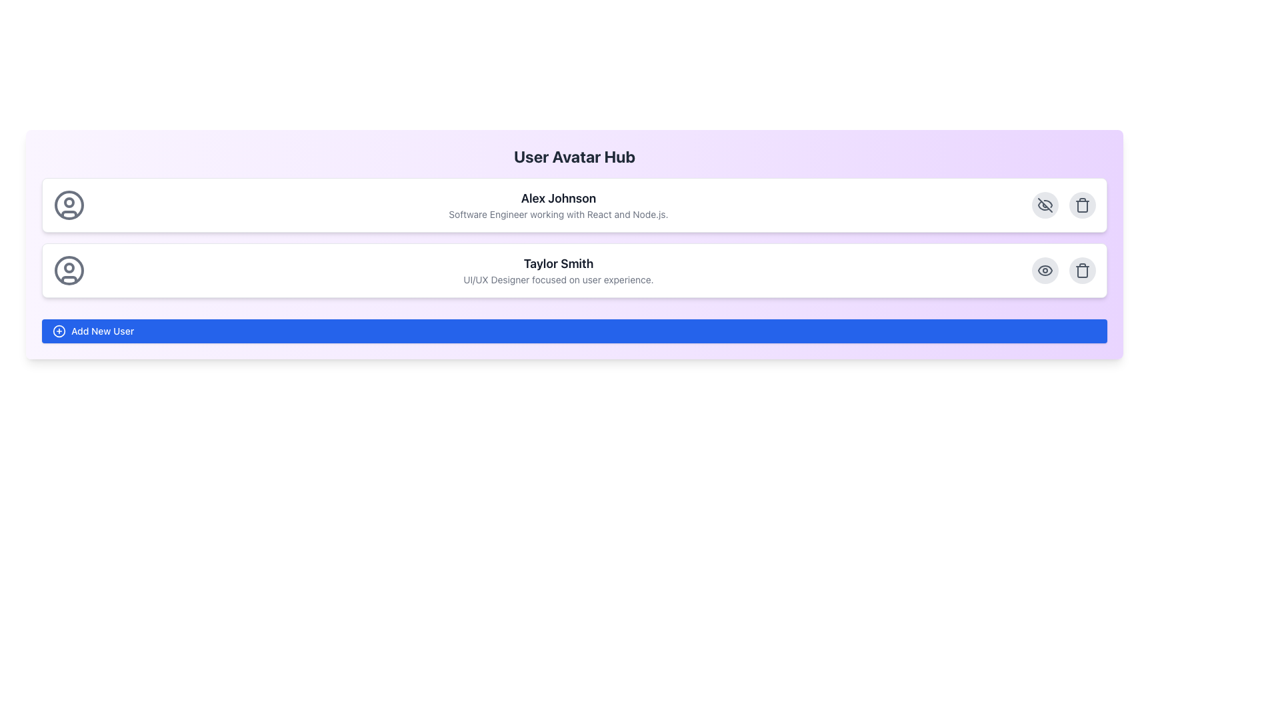 The height and width of the screenshot is (720, 1280). Describe the element at coordinates (1045, 205) in the screenshot. I see `the visibility toggle icon button located at the top-right corner of the first user information card` at that location.